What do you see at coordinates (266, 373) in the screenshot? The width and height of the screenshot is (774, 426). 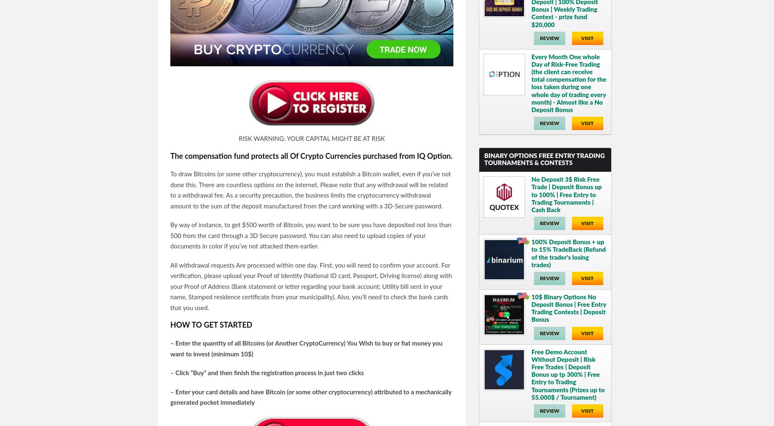 I see `'– Click “Buy” and then finish the registration process in just two clicks'` at bounding box center [266, 373].